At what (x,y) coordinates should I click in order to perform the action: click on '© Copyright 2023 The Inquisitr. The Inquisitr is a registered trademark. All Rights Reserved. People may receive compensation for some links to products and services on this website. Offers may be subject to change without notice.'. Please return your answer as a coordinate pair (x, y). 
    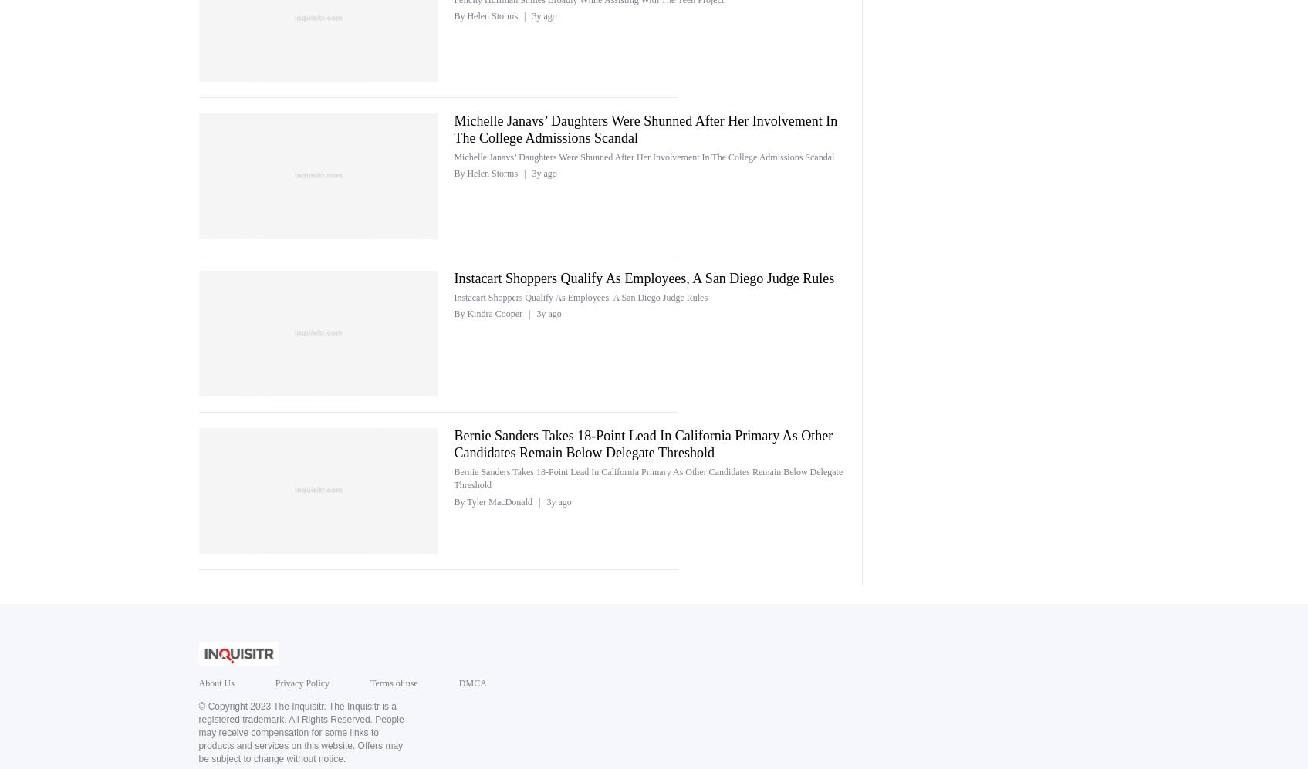
    Looking at the image, I should click on (197, 732).